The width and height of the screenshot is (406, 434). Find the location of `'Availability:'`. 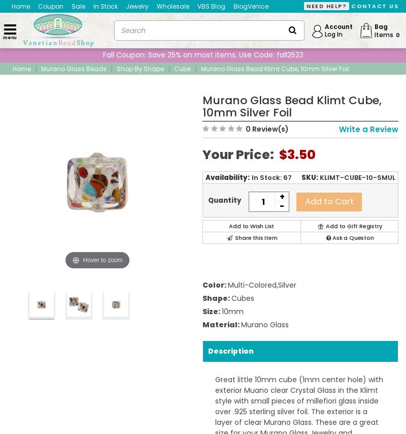

'Availability:' is located at coordinates (227, 177).